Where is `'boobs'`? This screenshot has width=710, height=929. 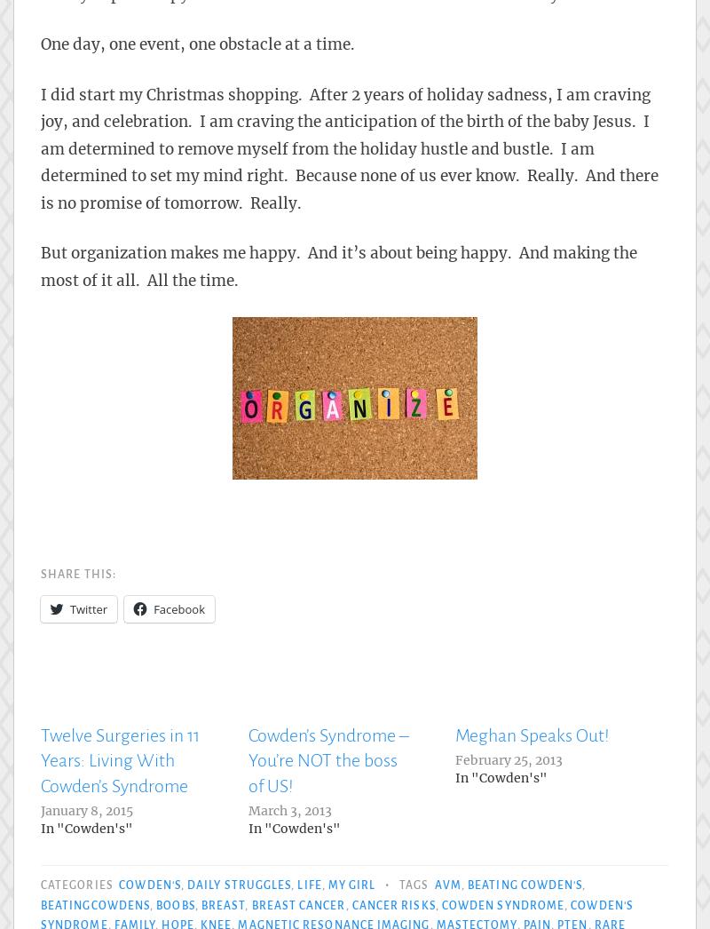
'boobs' is located at coordinates (174, 905).